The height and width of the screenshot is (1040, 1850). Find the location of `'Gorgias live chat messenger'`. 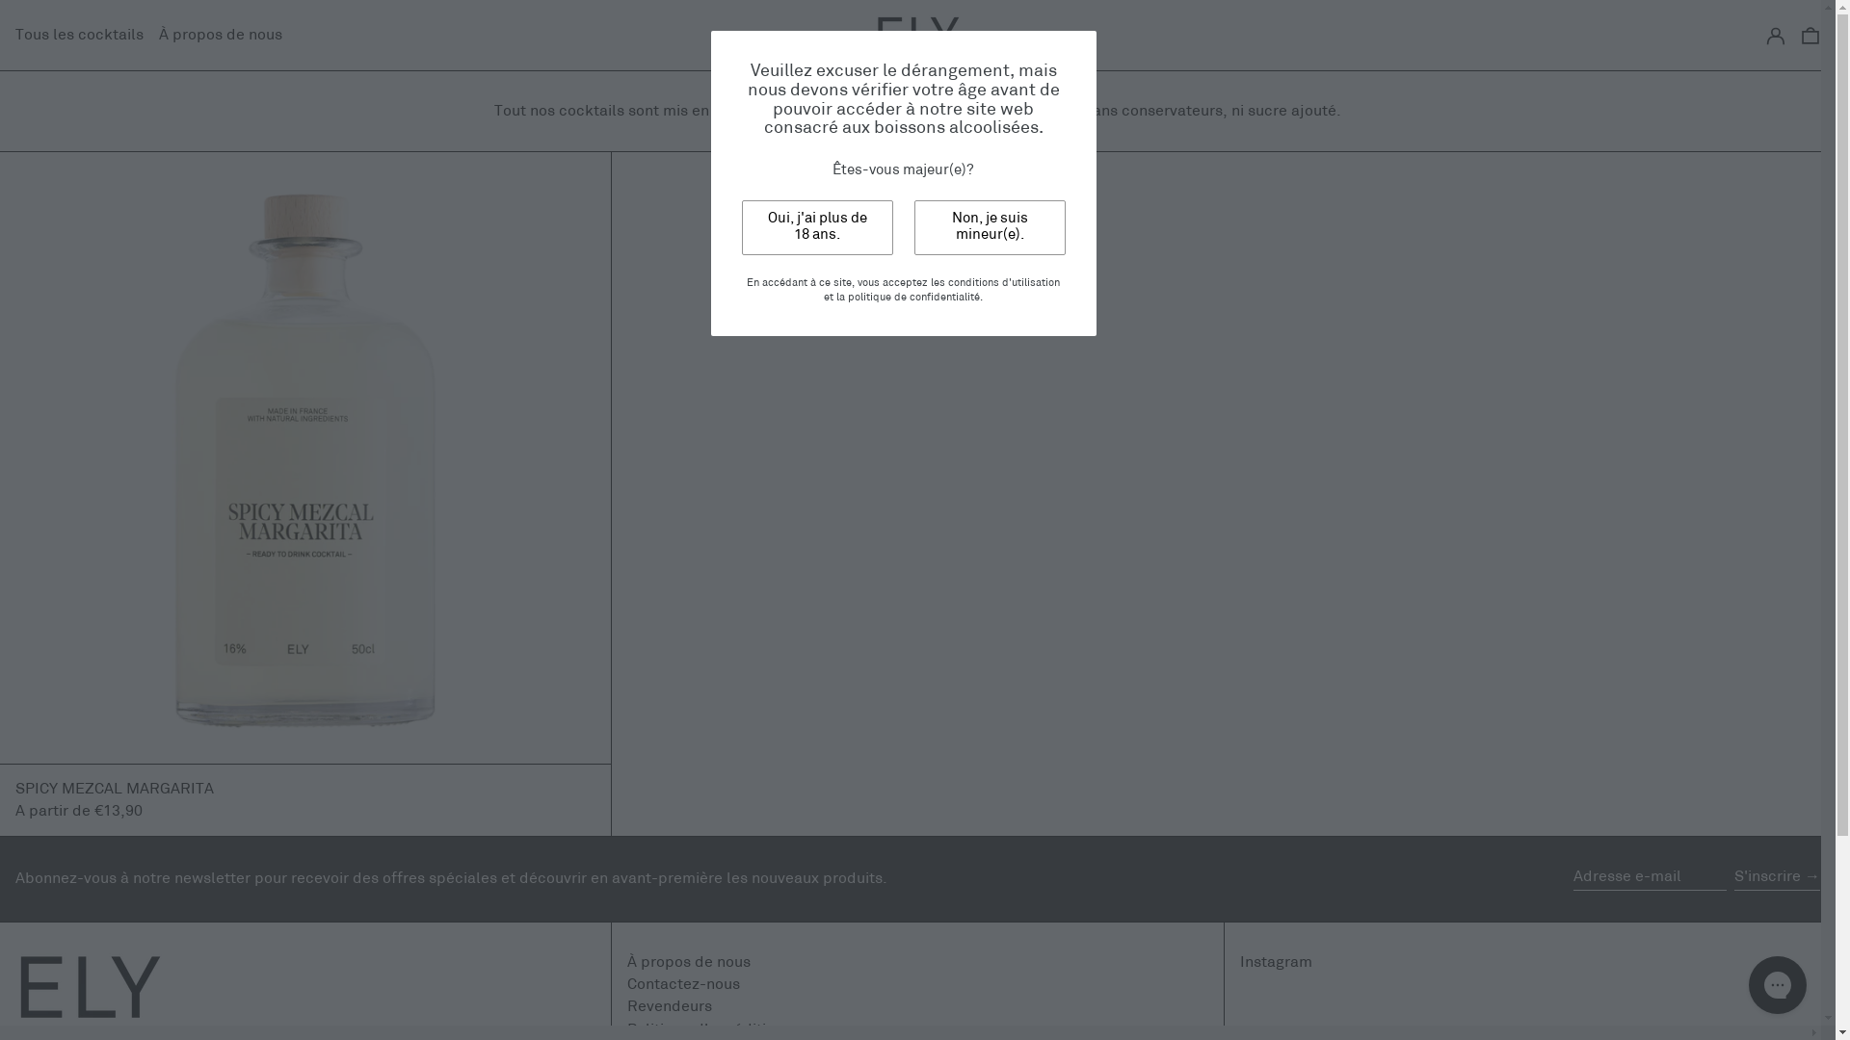

'Gorgias live chat messenger' is located at coordinates (1776, 984).